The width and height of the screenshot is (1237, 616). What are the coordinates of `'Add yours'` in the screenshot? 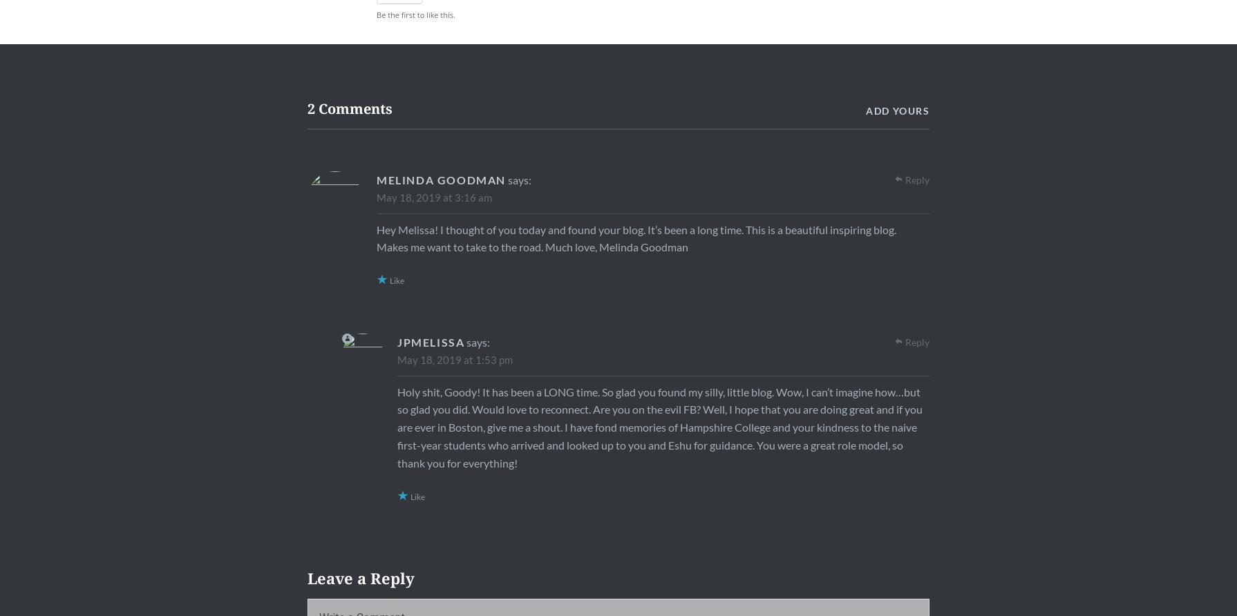 It's located at (898, 109).